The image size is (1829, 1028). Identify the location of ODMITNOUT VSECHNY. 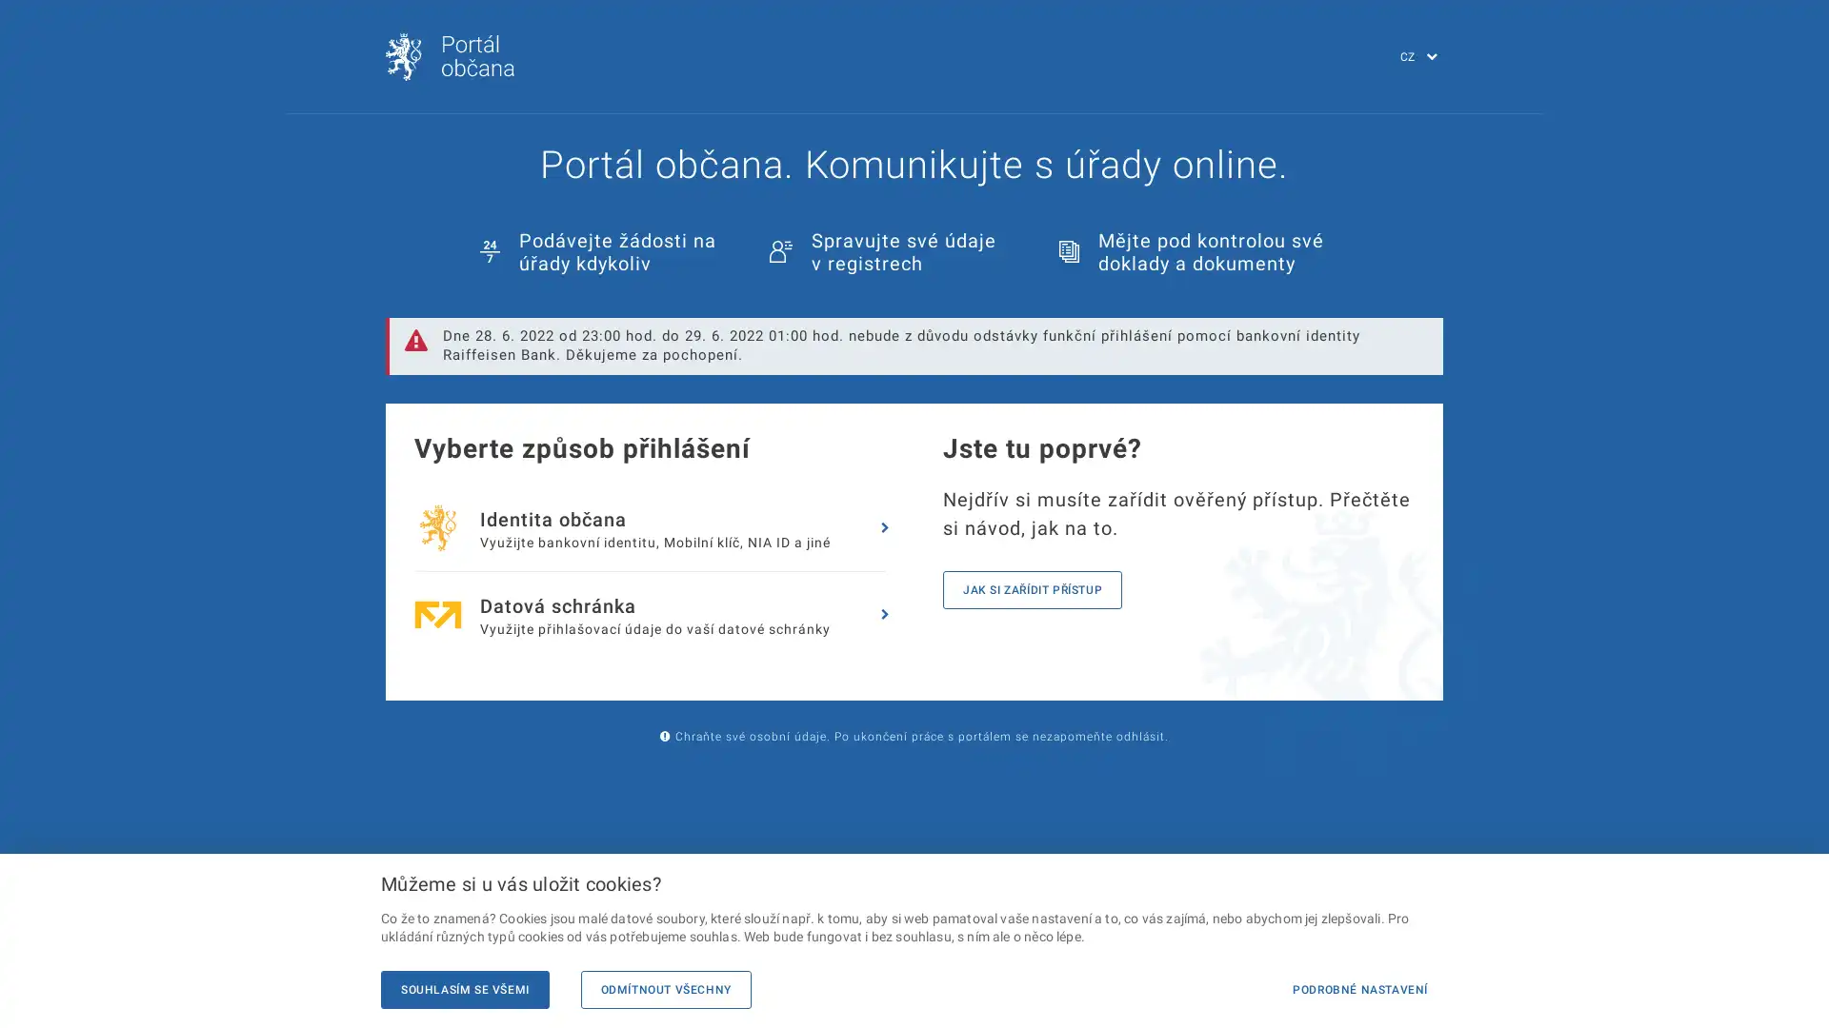
(665, 989).